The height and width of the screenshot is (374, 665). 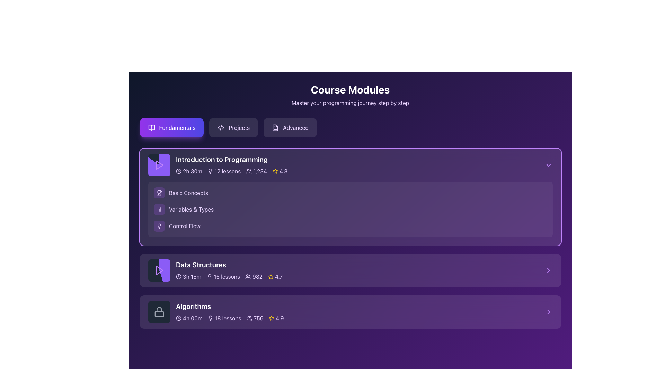 What do you see at coordinates (191, 209) in the screenshot?
I see `the 'Variables & Types' label, which is styled in light purple on a dark purple background` at bounding box center [191, 209].